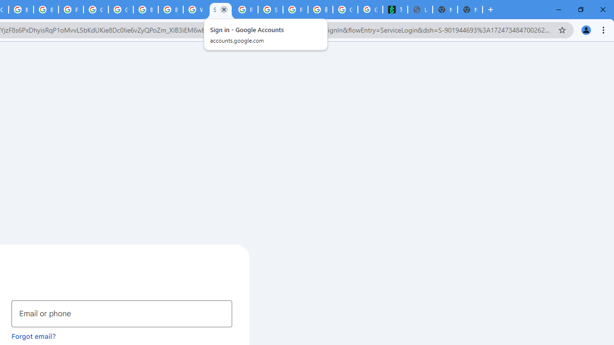  Describe the element at coordinates (145, 10) in the screenshot. I see `'Browse Chrome as a guest - Computer - Google Chrome Help'` at that location.